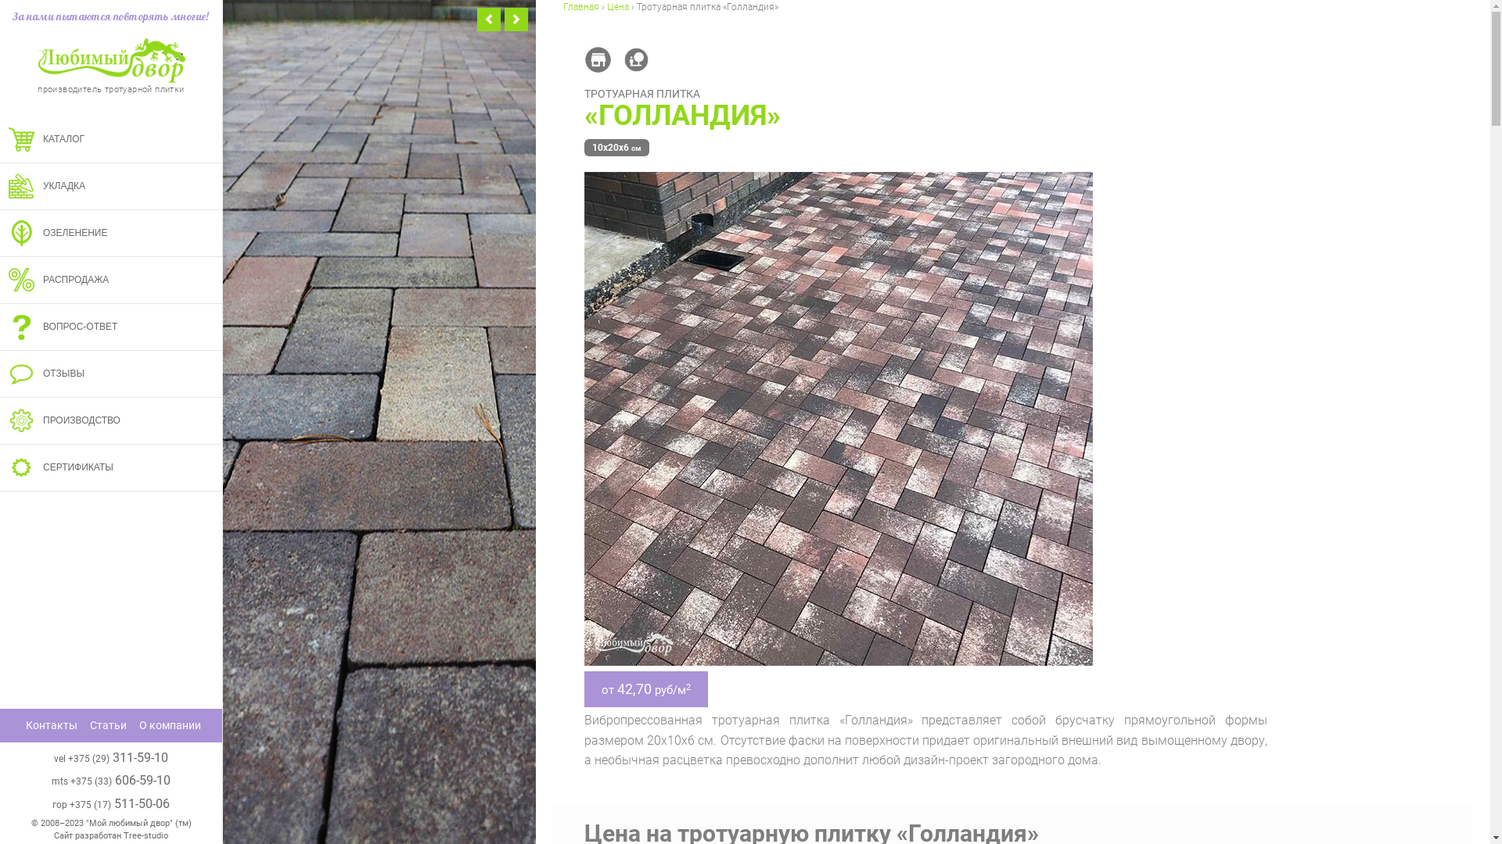 The height and width of the screenshot is (844, 1502). I want to click on 'vel +375 (29) 311-59-10', so click(110, 756).